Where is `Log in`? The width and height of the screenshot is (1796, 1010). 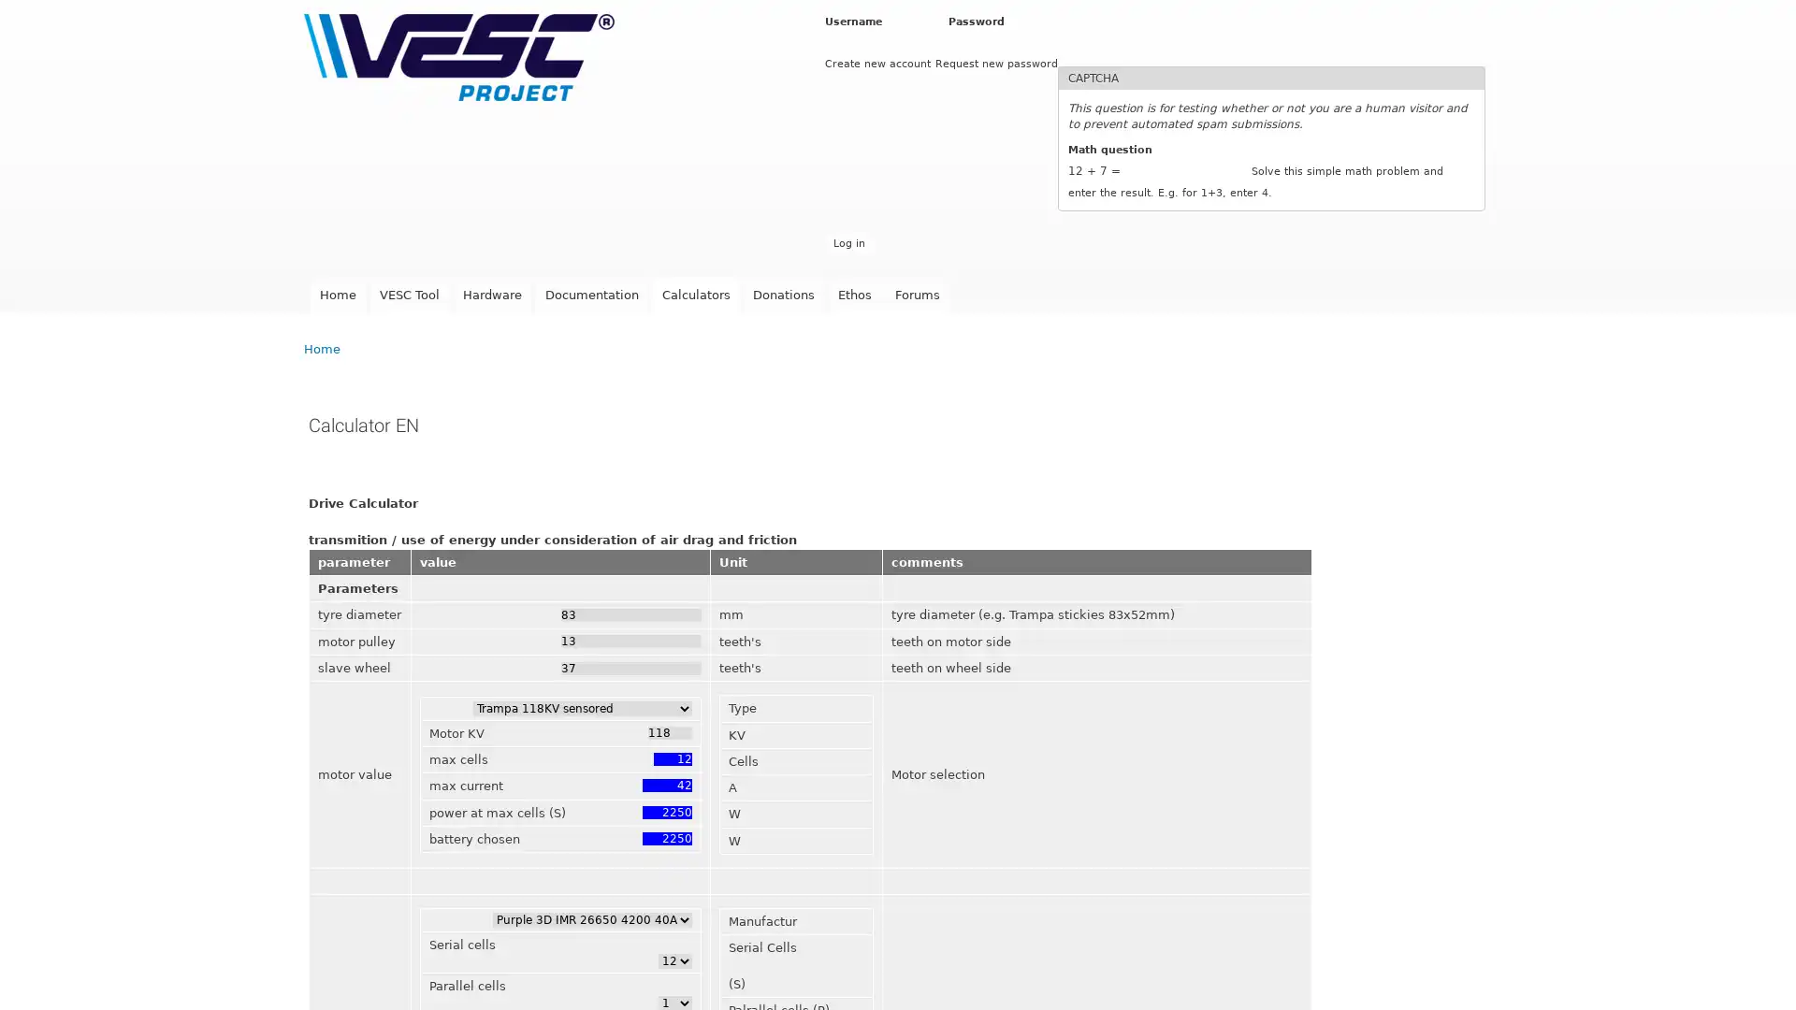 Log in is located at coordinates (847, 242).